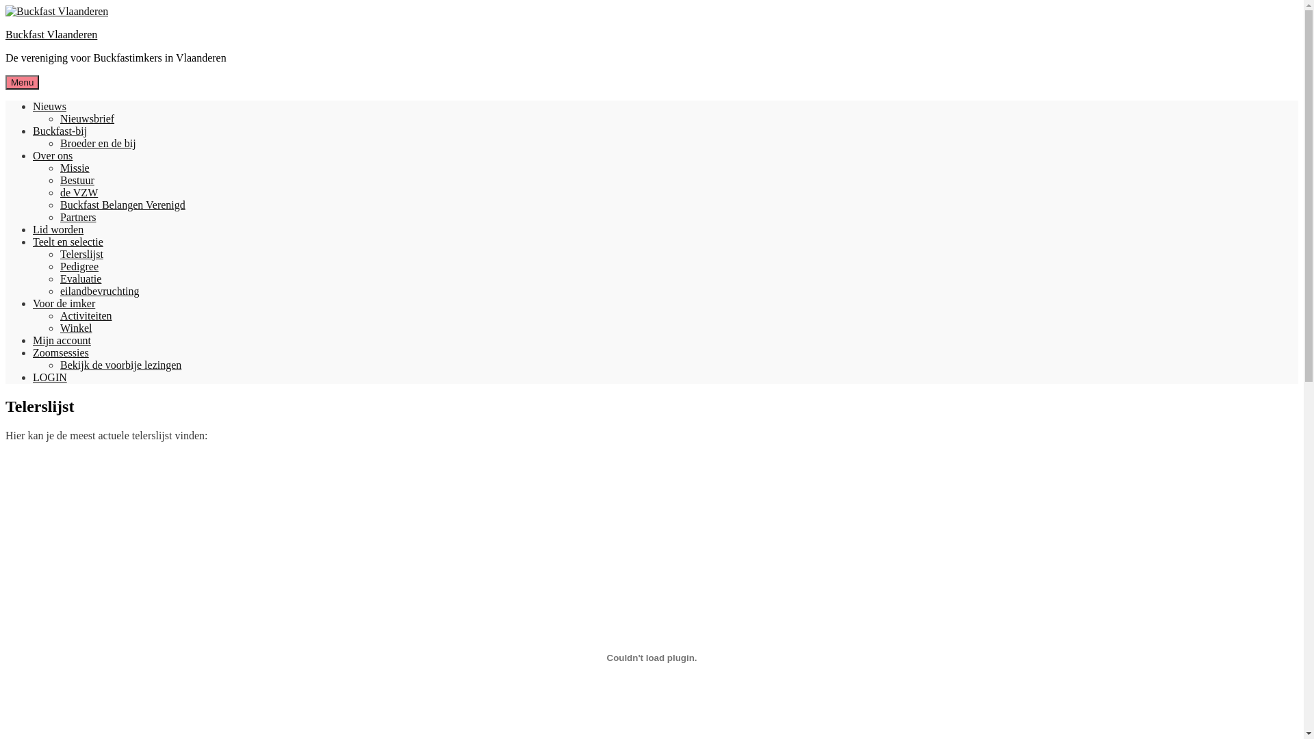 The image size is (1314, 739). What do you see at coordinates (78, 192) in the screenshot?
I see `'de VZW'` at bounding box center [78, 192].